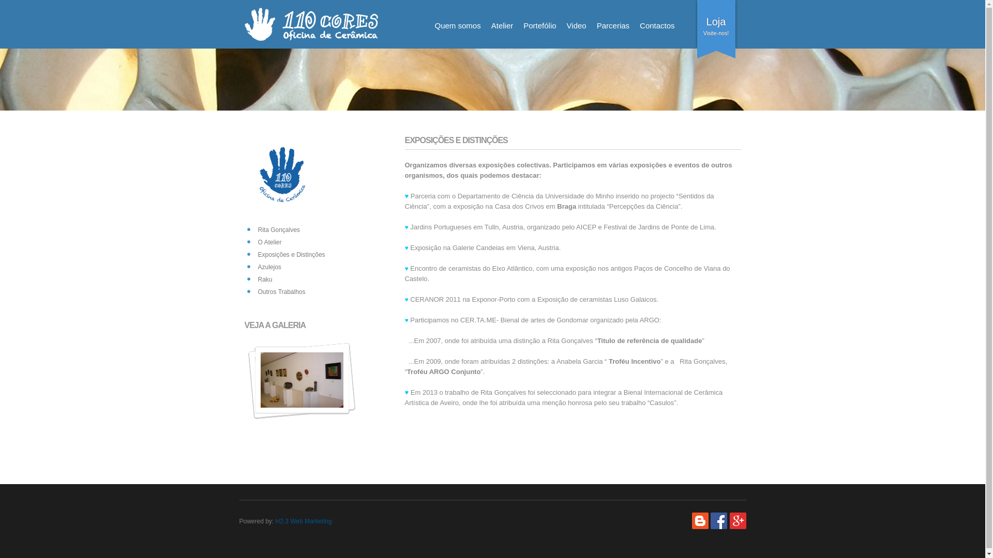 Image resolution: width=993 pixels, height=558 pixels. Describe the element at coordinates (262, 266) in the screenshot. I see `'Azulejos'` at that location.